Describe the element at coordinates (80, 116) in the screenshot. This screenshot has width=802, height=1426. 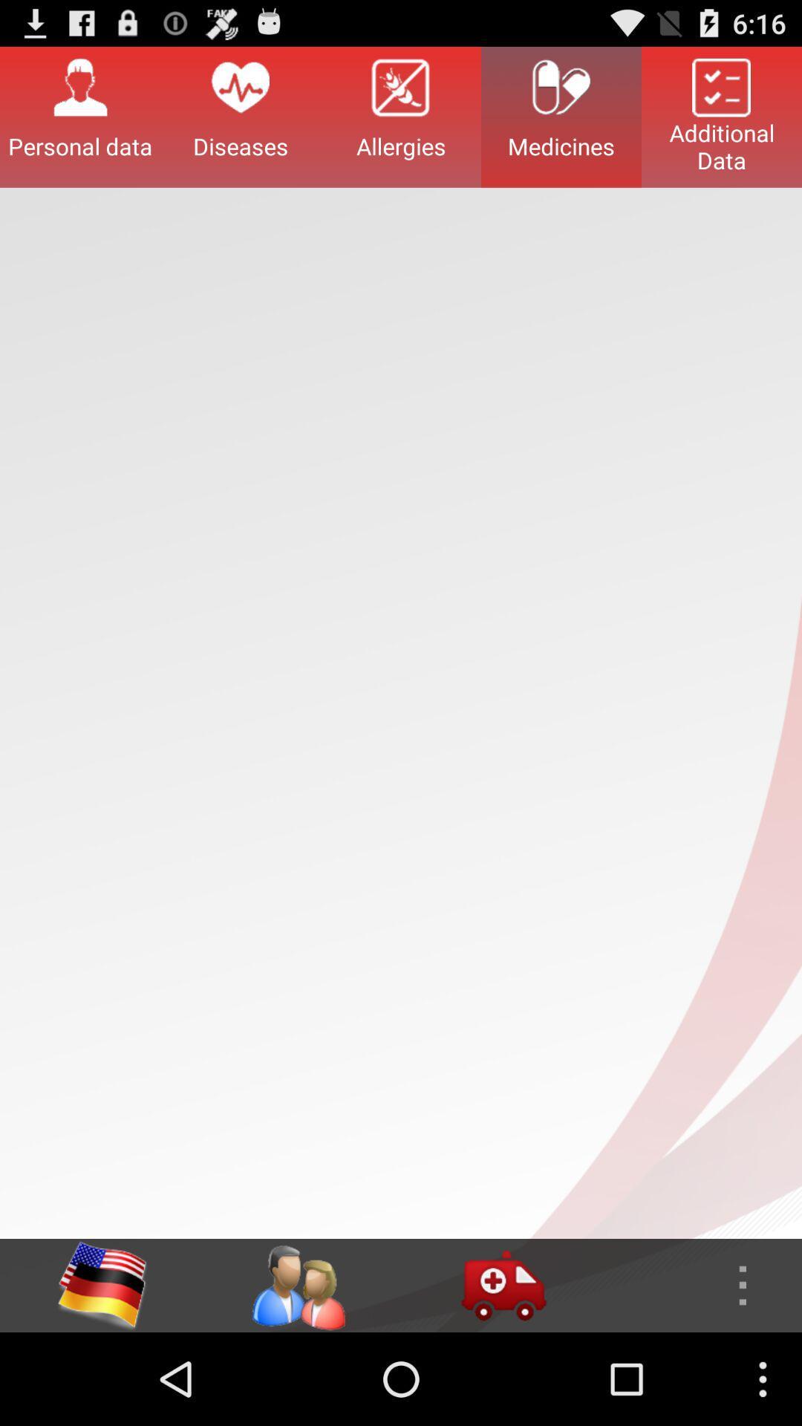
I see `the personal data item` at that location.